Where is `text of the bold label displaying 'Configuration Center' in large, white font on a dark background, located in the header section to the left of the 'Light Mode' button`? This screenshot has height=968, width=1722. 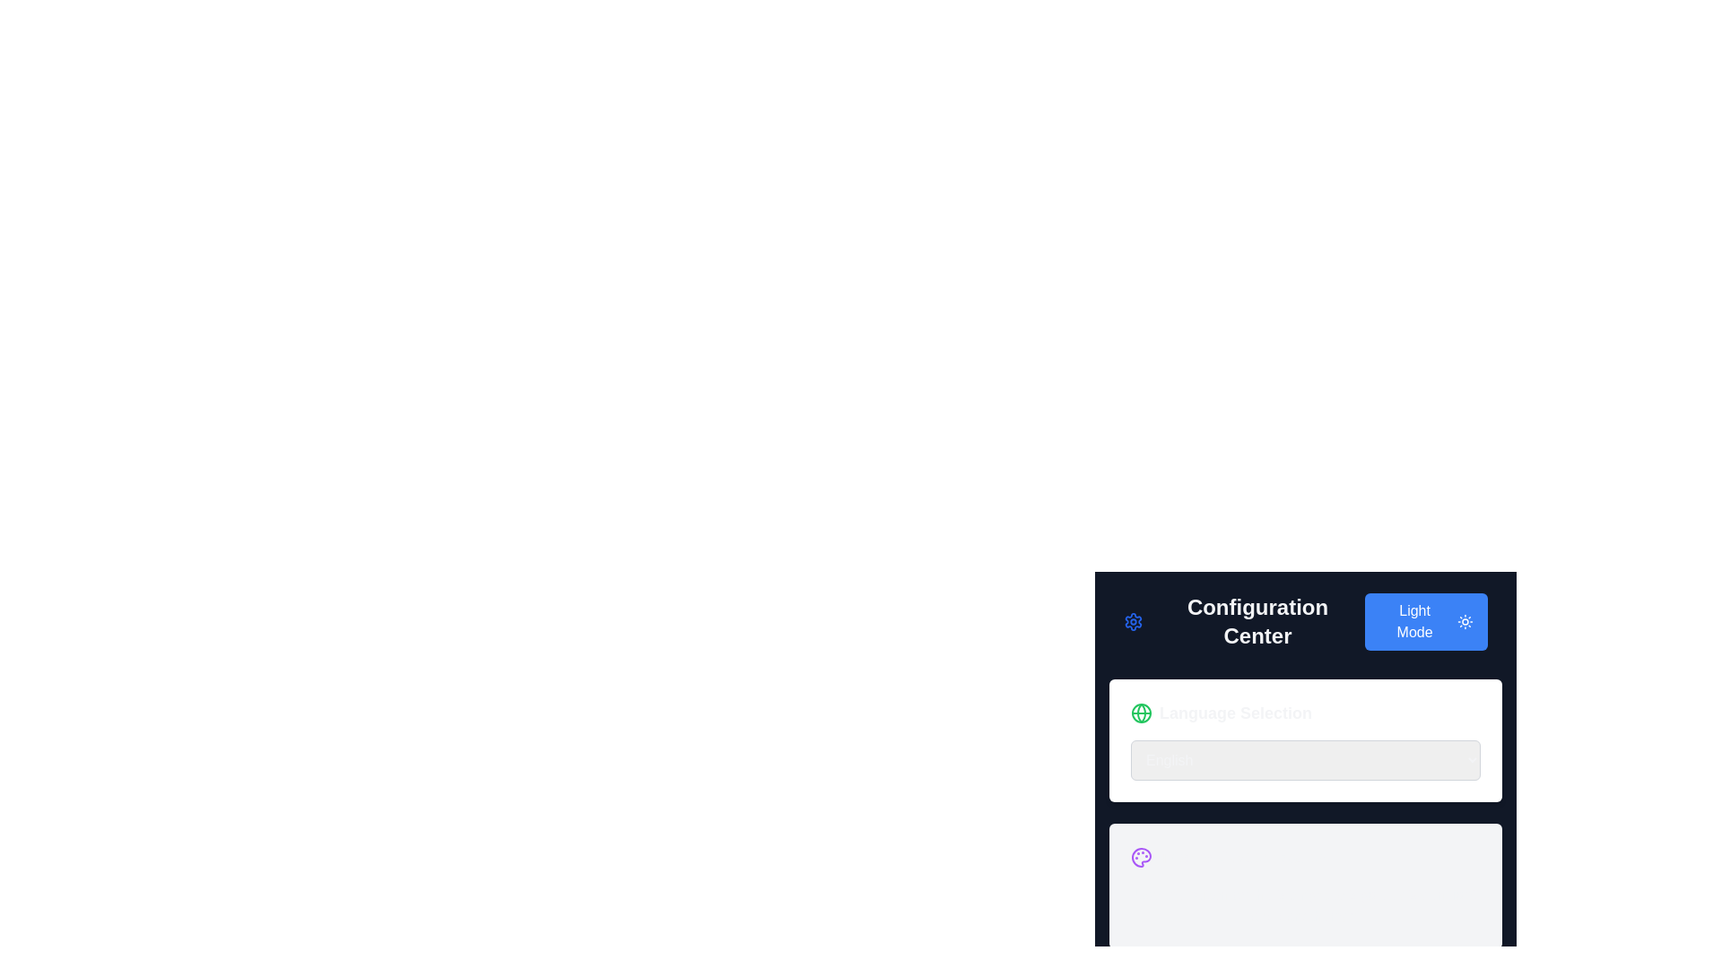
text of the bold label displaying 'Configuration Center' in large, white font on a dark background, located in the header section to the left of the 'Light Mode' button is located at coordinates (1243, 621).